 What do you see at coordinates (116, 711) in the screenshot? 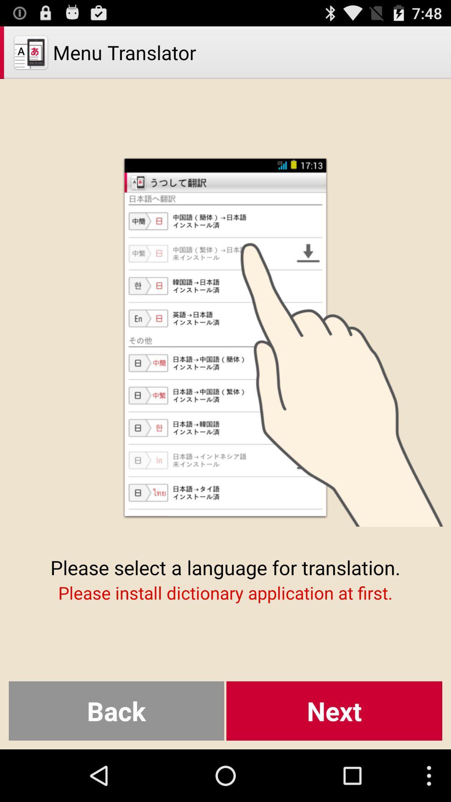
I see `back item` at bounding box center [116, 711].